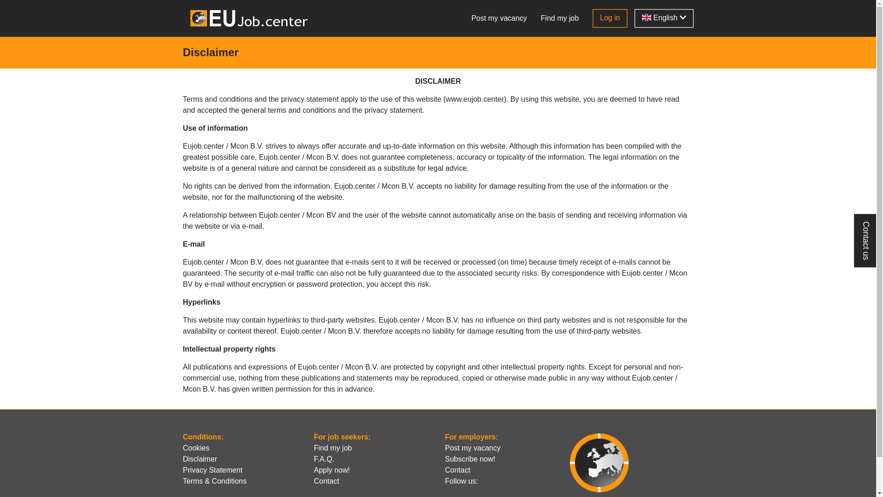 The image size is (883, 497). Describe the element at coordinates (593, 18) in the screenshot. I see `'Log in'` at that location.